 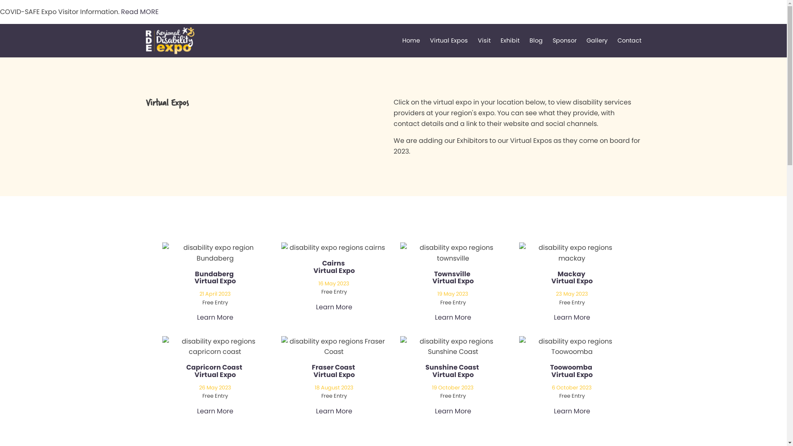 What do you see at coordinates (214, 317) in the screenshot?
I see `'Learn More'` at bounding box center [214, 317].